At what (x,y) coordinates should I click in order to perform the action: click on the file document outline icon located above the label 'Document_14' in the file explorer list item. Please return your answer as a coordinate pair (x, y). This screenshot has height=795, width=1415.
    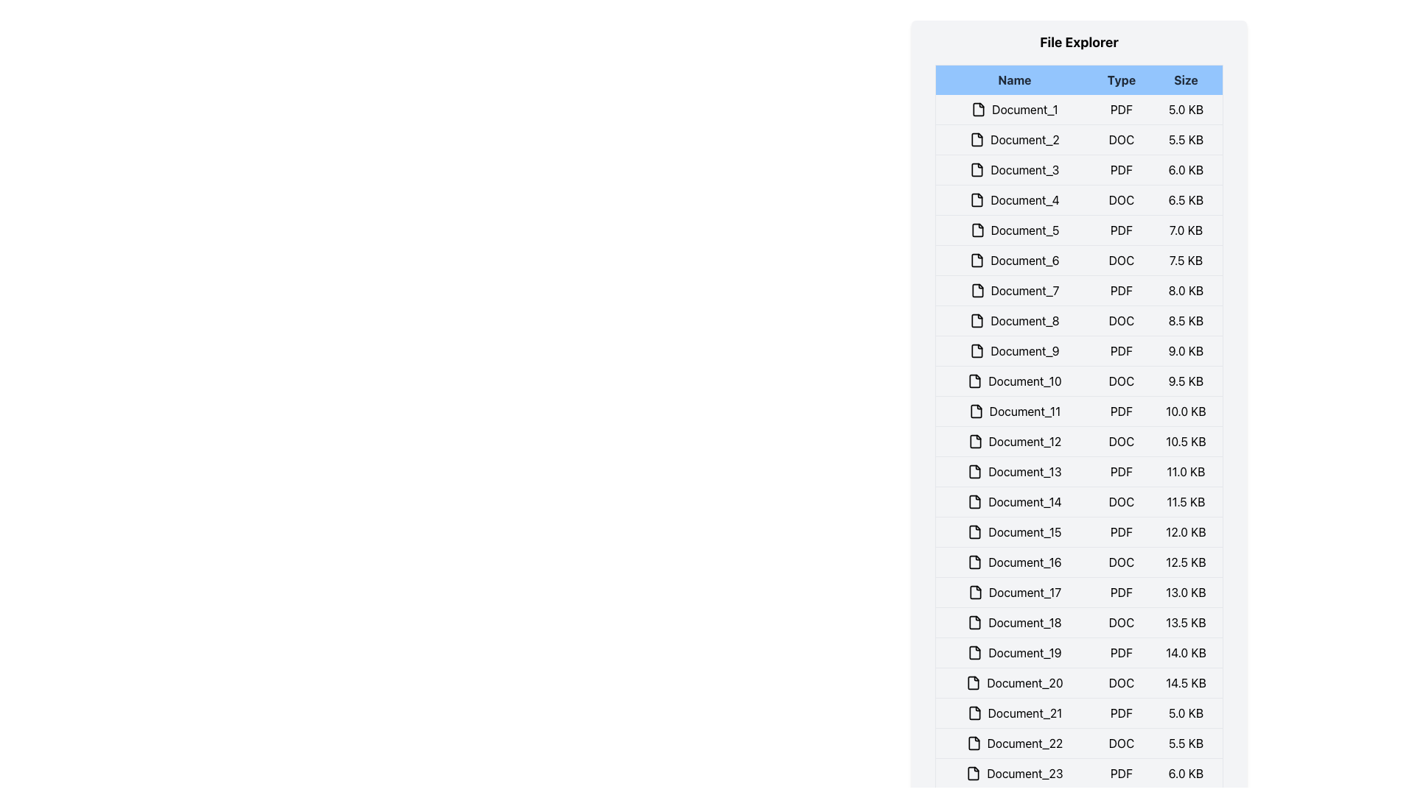
    Looking at the image, I should click on (975, 501).